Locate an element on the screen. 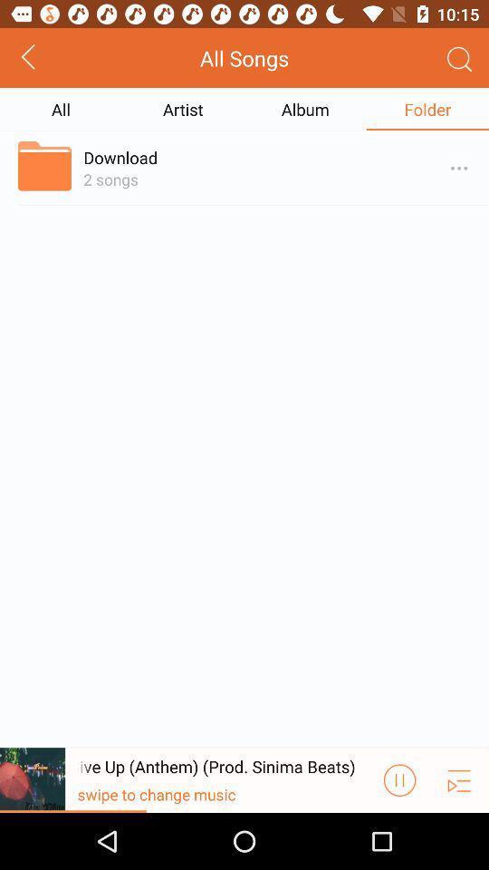  the pause icon is located at coordinates (399, 835).